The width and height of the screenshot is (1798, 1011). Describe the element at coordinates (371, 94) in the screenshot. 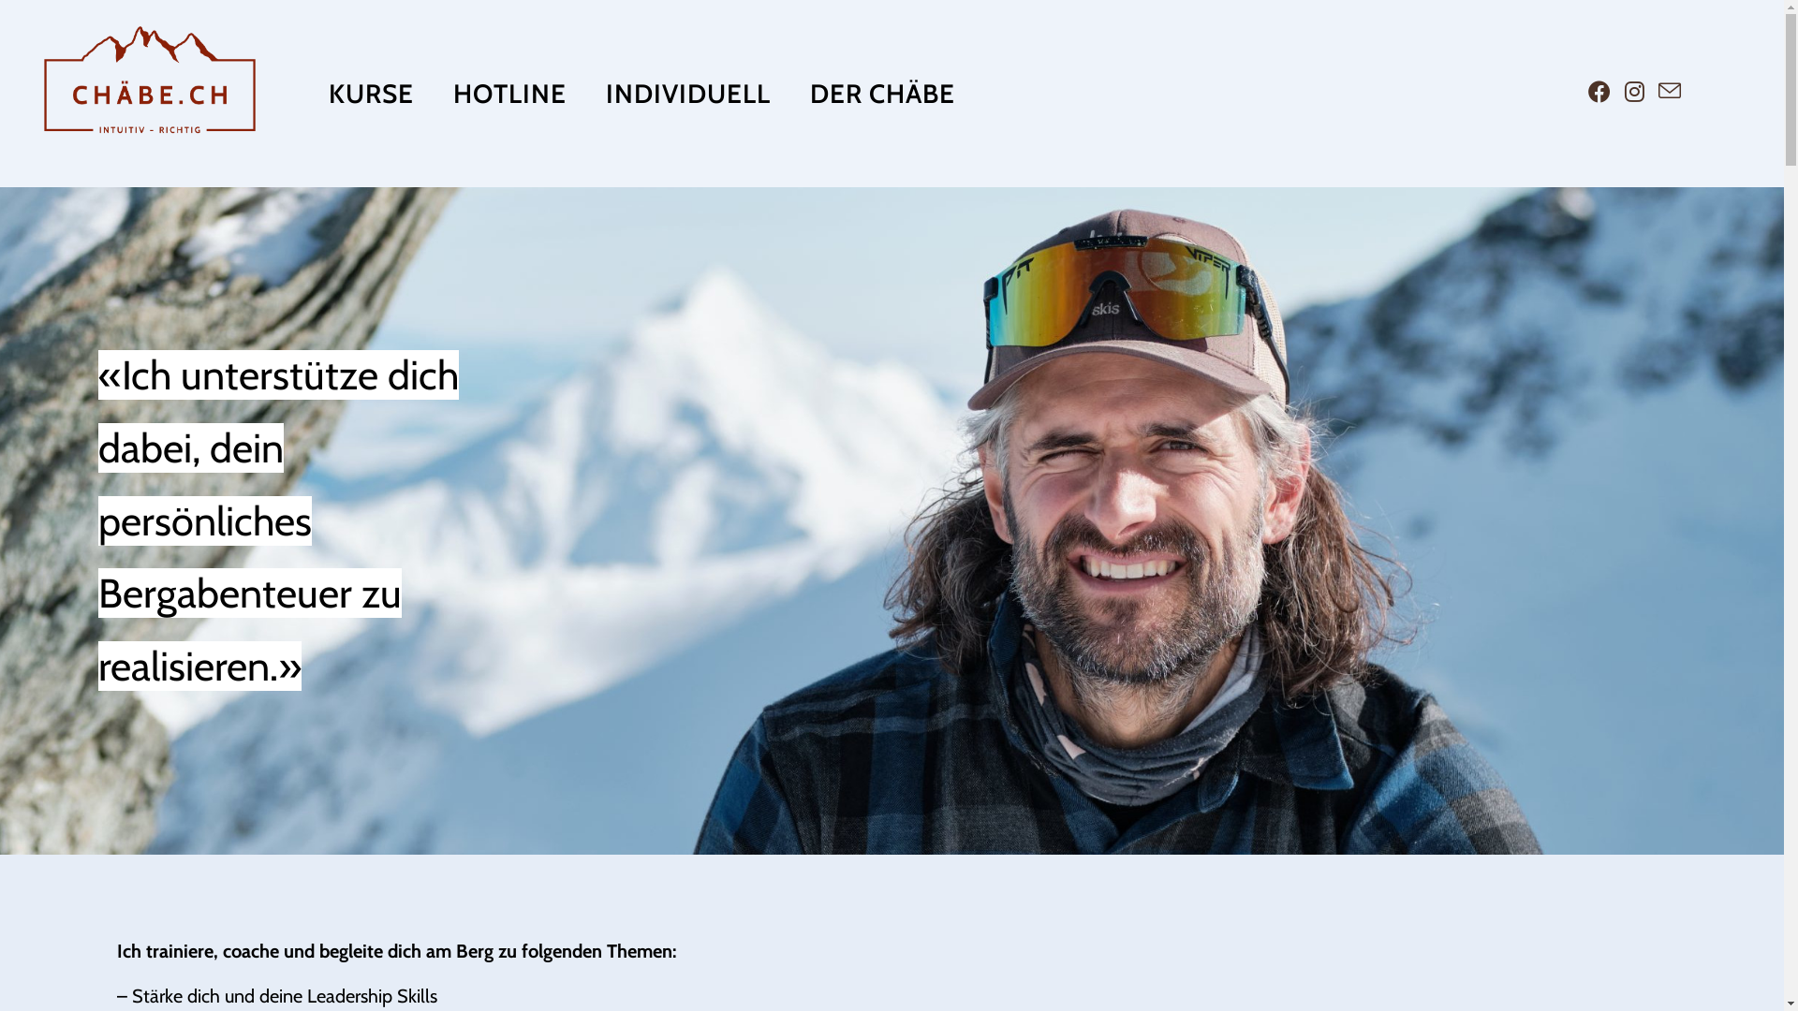

I see `'KURSE'` at that location.